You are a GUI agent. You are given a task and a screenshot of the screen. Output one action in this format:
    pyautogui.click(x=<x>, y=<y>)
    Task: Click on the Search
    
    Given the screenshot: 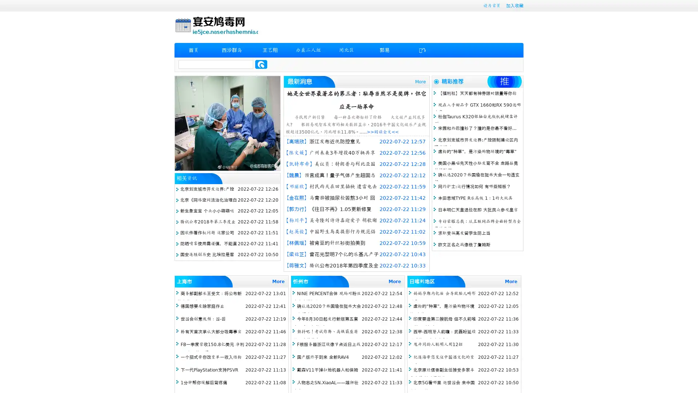 What is the action you would take?
    pyautogui.click(x=261, y=64)
    